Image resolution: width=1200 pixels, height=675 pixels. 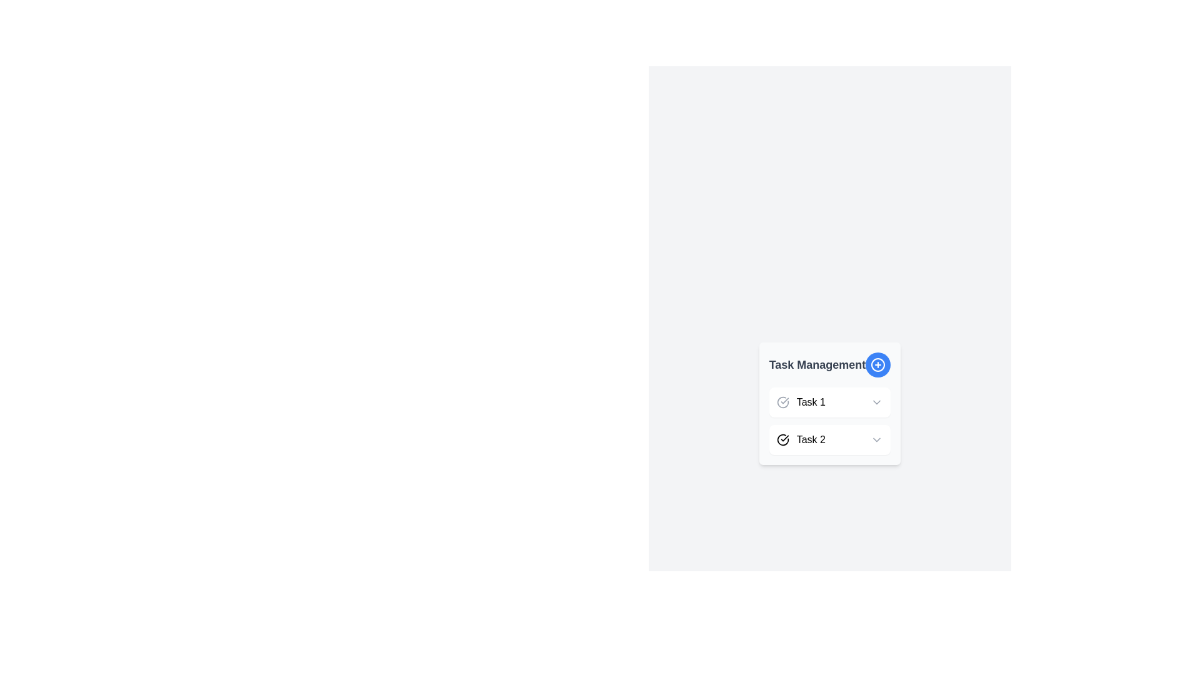 What do you see at coordinates (801, 439) in the screenshot?
I see `the label displaying the name and completion status of the task located in the second row of the 'Task Management' card` at bounding box center [801, 439].